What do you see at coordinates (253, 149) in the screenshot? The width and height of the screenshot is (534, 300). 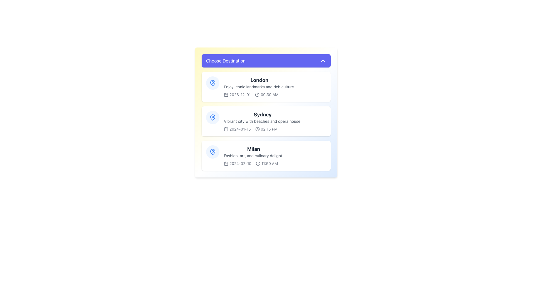 I see `the text label displaying 'Milan'` at bounding box center [253, 149].